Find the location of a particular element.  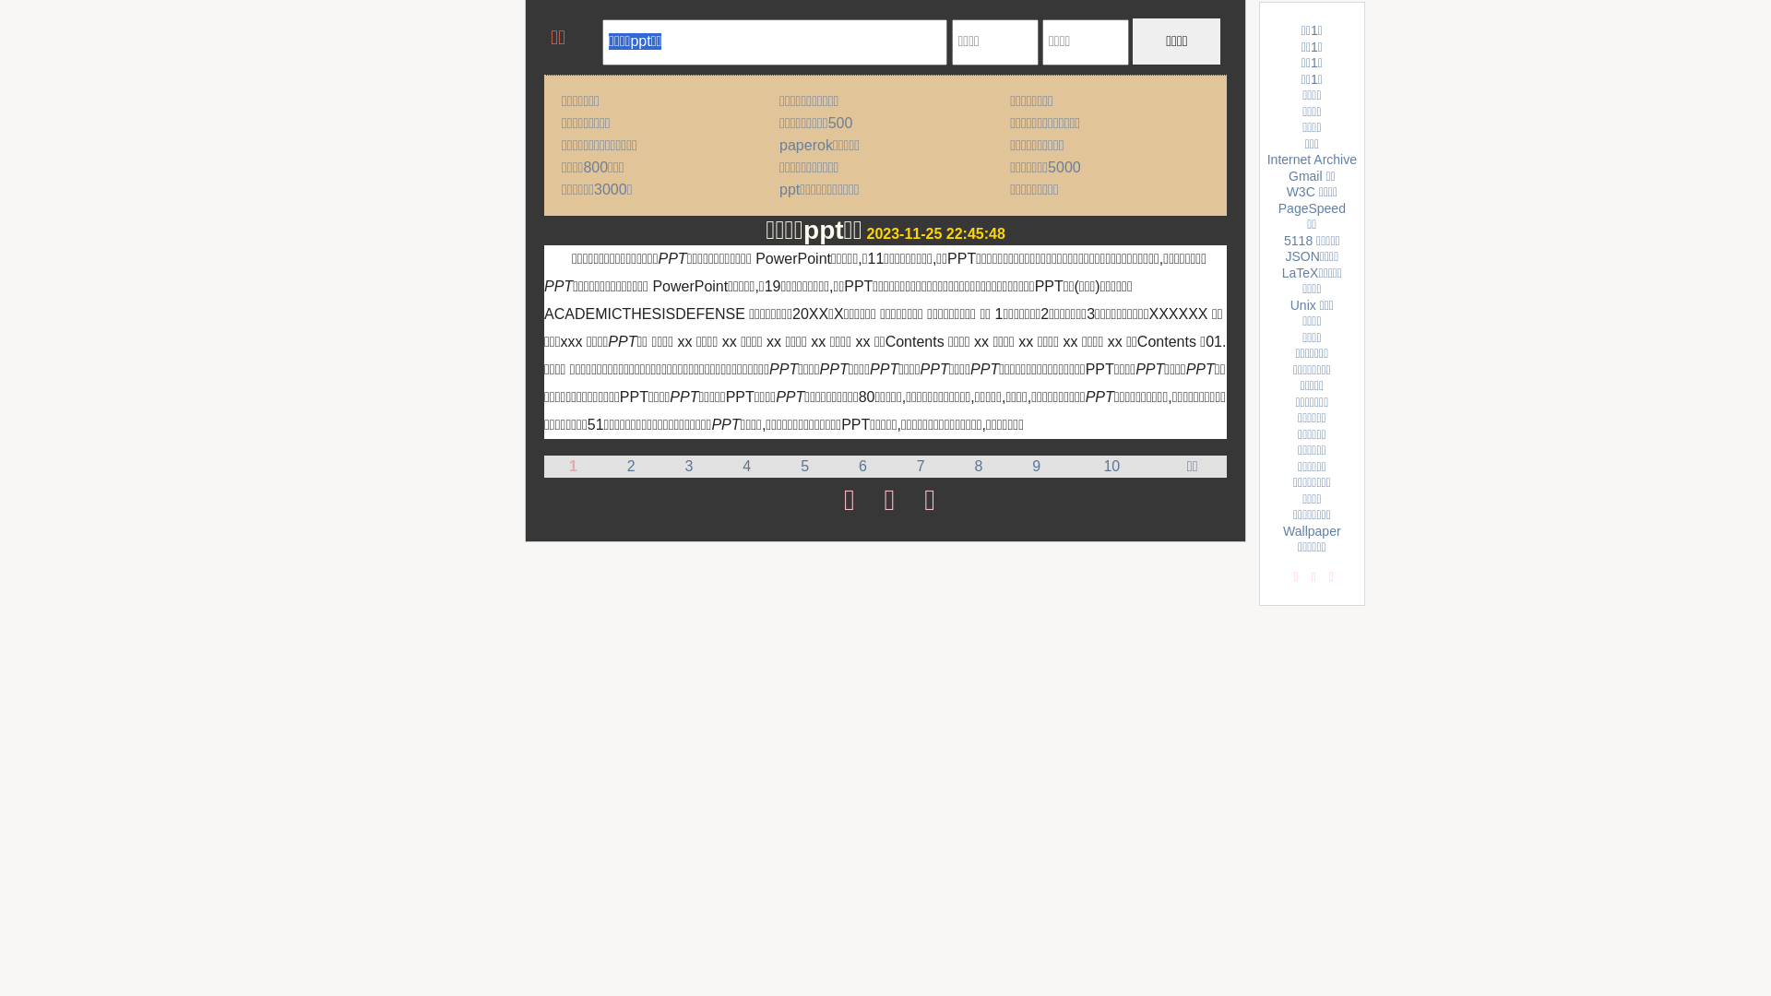

'Wallpaper' is located at coordinates (1311, 530).